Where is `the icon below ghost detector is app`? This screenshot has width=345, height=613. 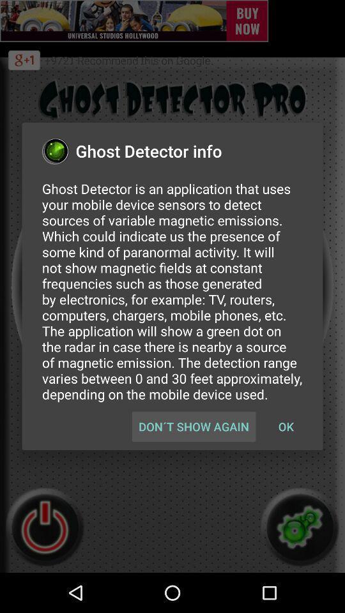 the icon below ghost detector is app is located at coordinates (286, 427).